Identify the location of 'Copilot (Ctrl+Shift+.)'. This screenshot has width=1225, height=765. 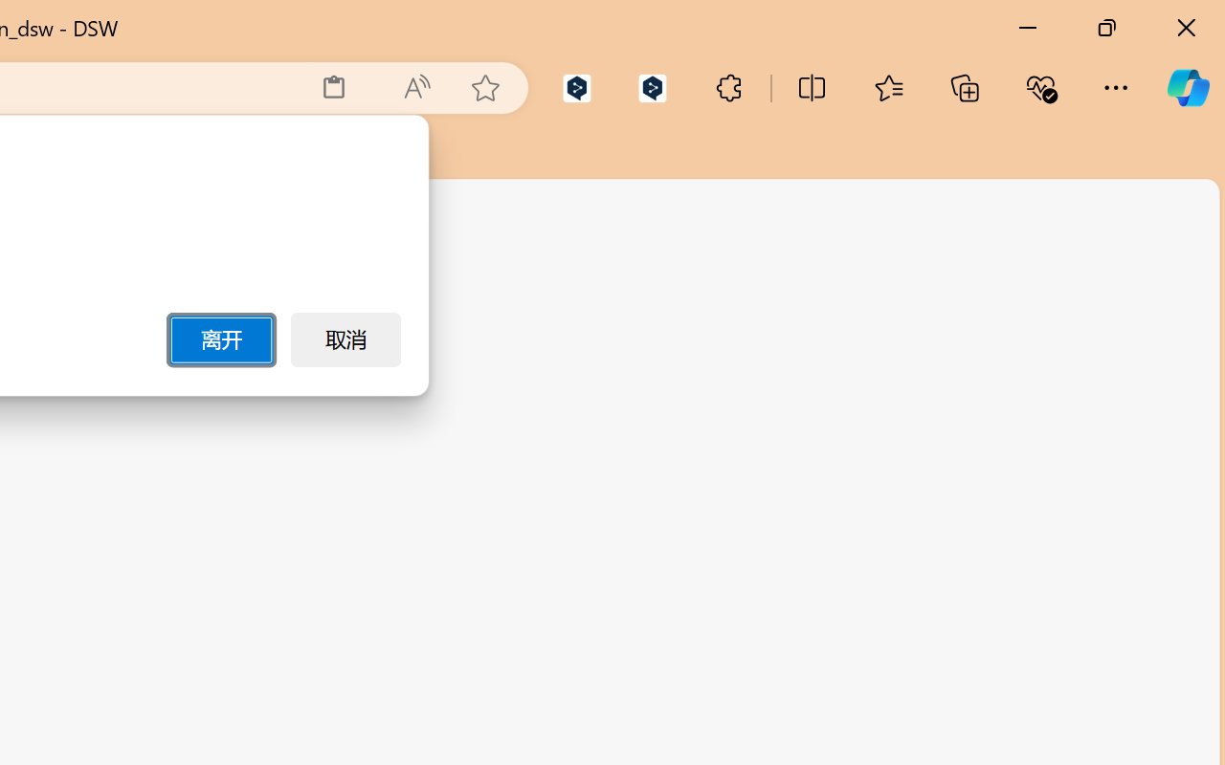
(1187, 87).